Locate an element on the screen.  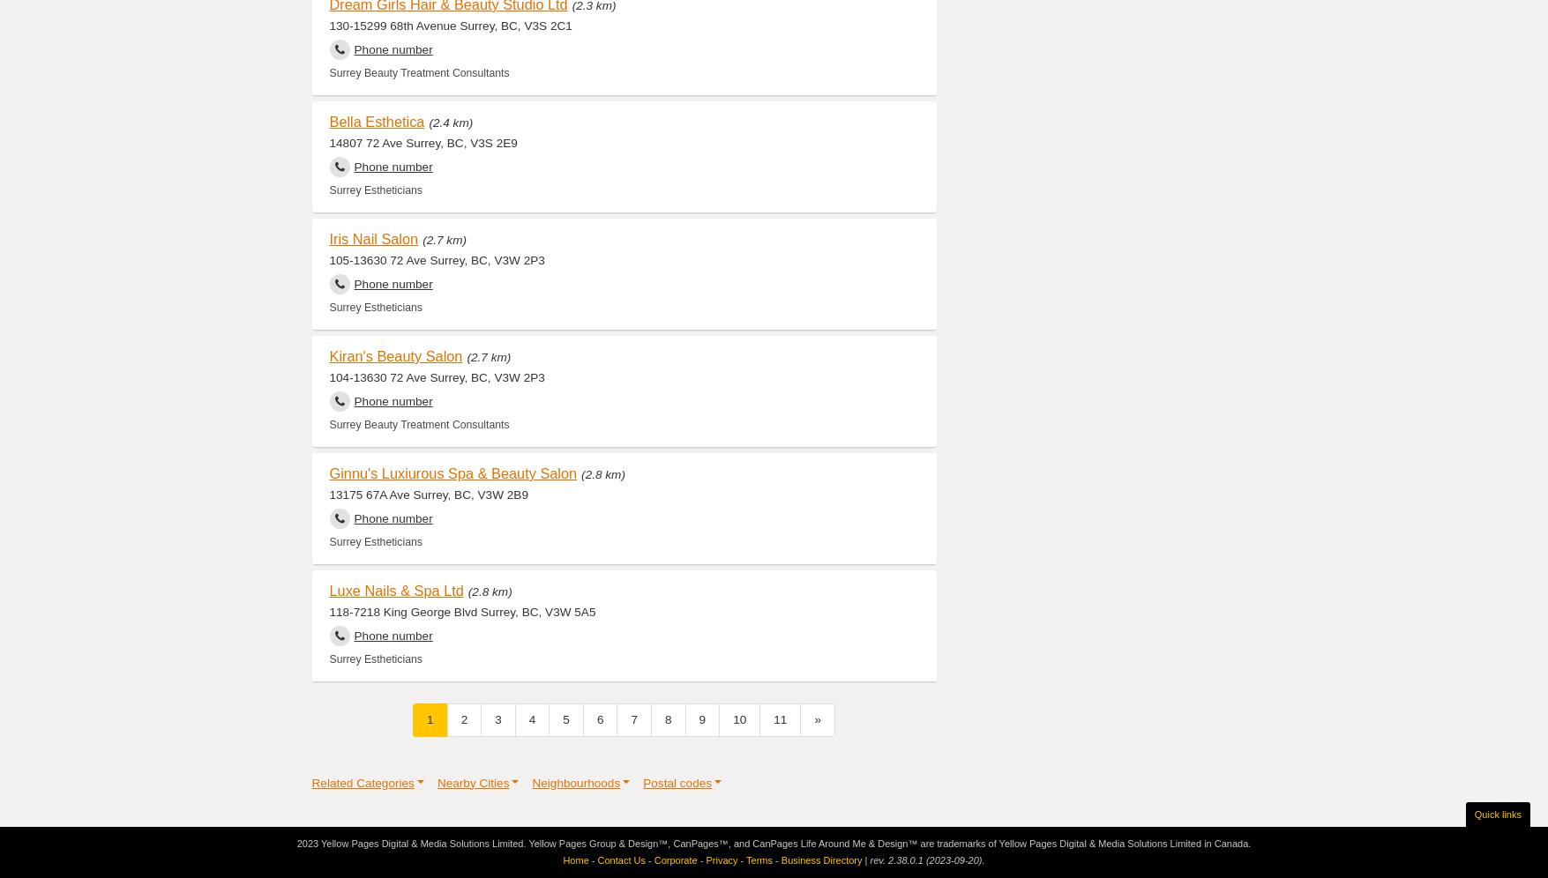
'(2.4 km)' is located at coordinates (450, 121).